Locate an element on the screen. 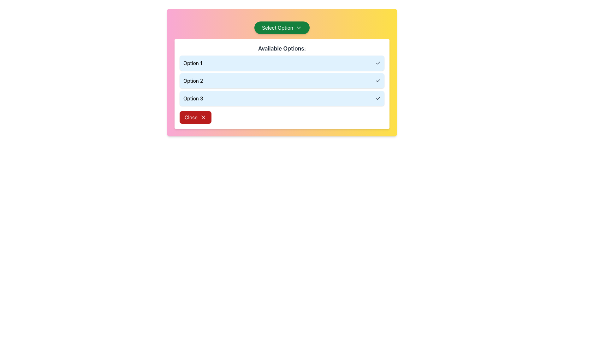 The image size is (606, 341). an option in the options list of the Panel located below the 'Select Option' button and above the 'Close' button is located at coordinates (282, 84).